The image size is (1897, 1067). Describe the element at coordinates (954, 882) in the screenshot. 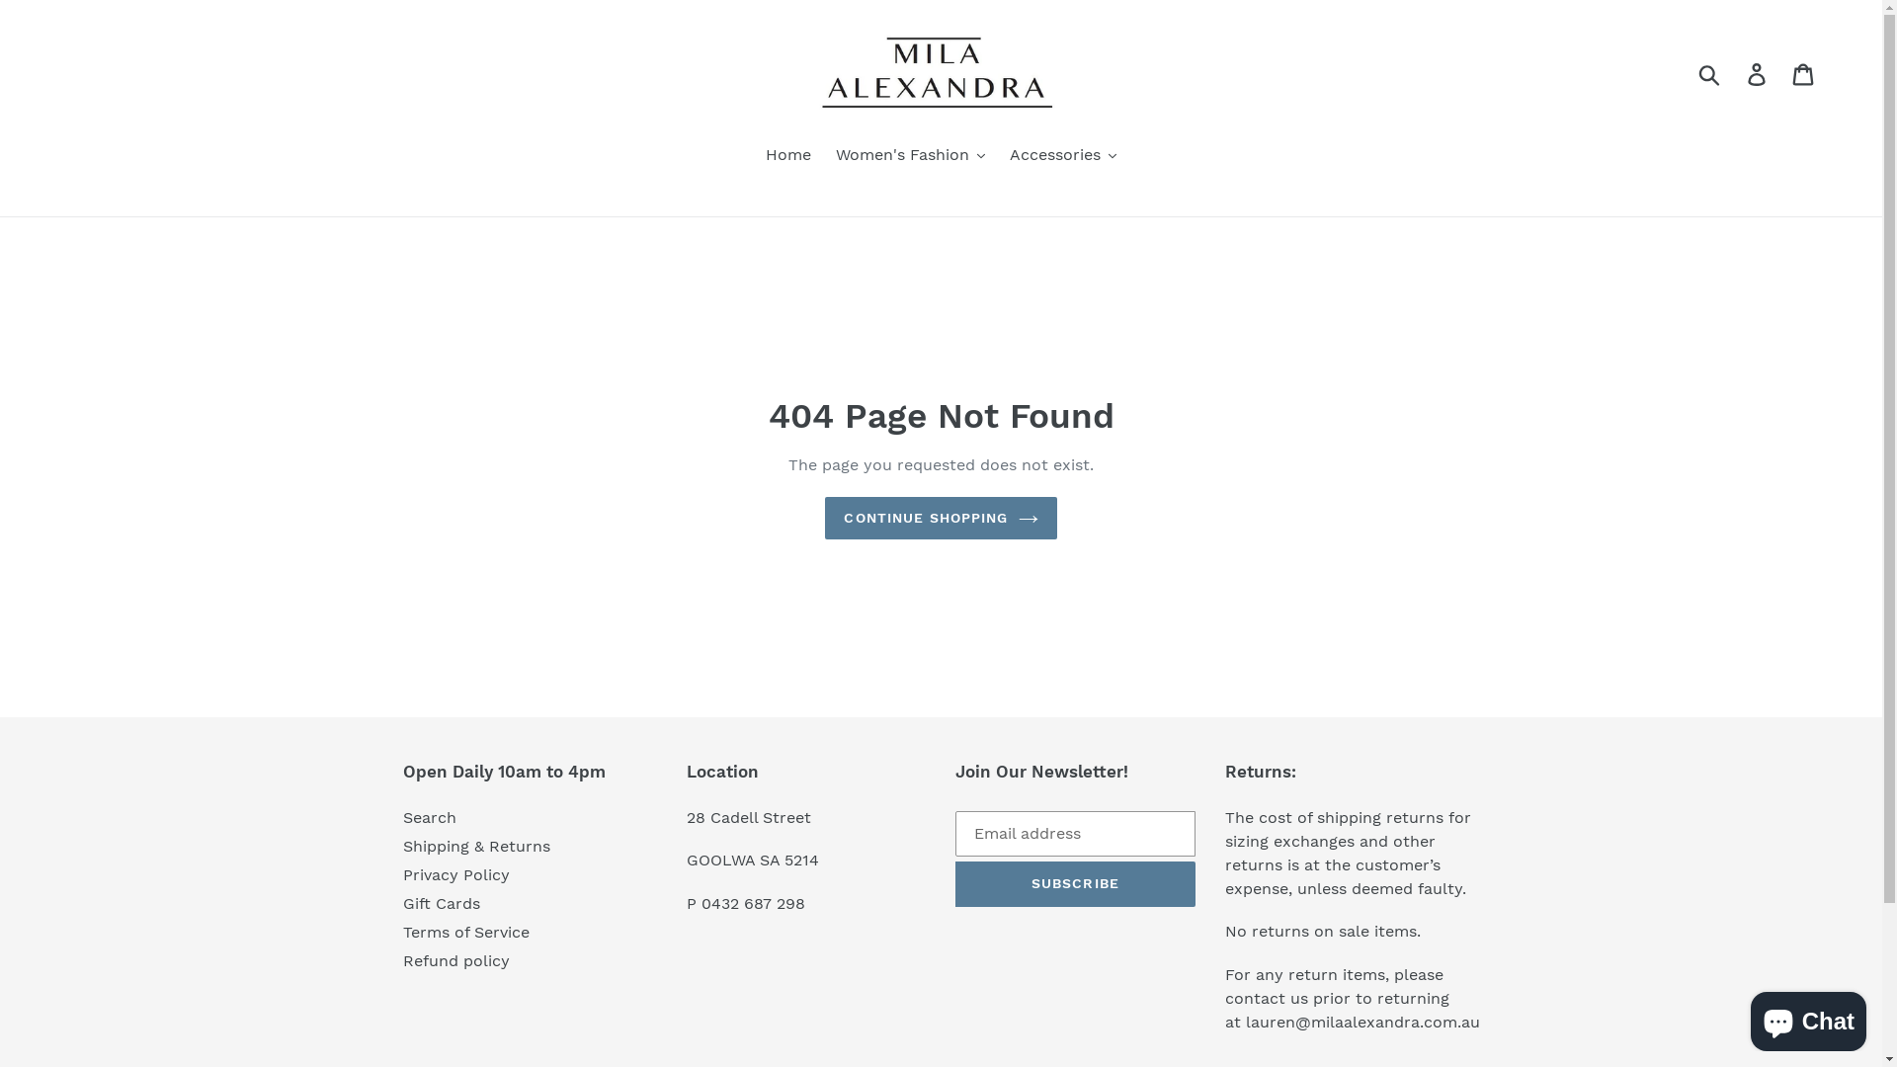

I see `'SUBSCRIBE'` at that location.